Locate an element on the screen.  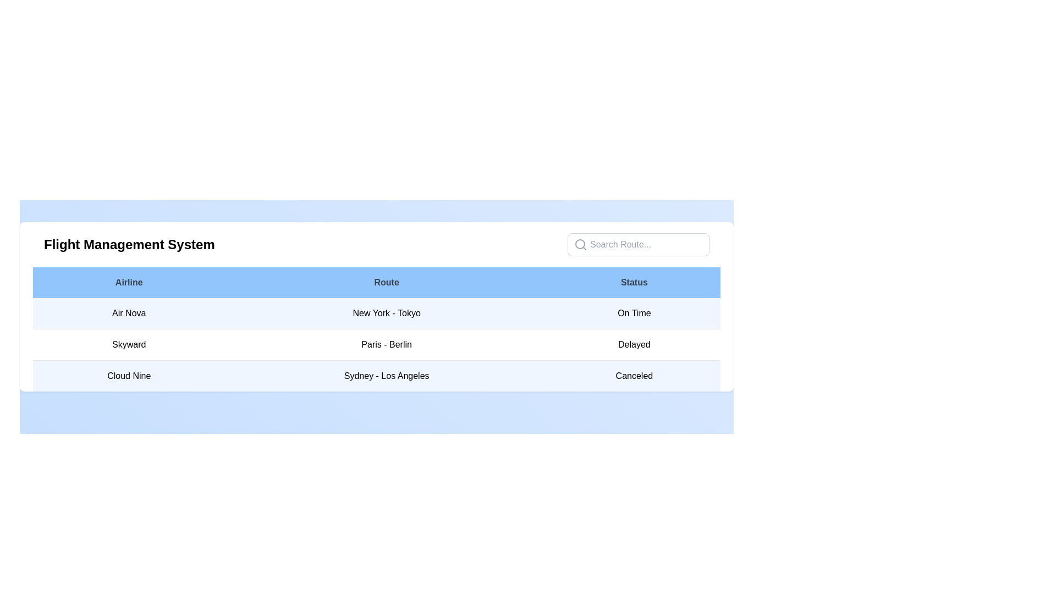
the Table Header Row that contains the column titles 'Airline', 'Route', and 'Status', specifically focusing on the center column labeled 'Route' is located at coordinates (377, 282).